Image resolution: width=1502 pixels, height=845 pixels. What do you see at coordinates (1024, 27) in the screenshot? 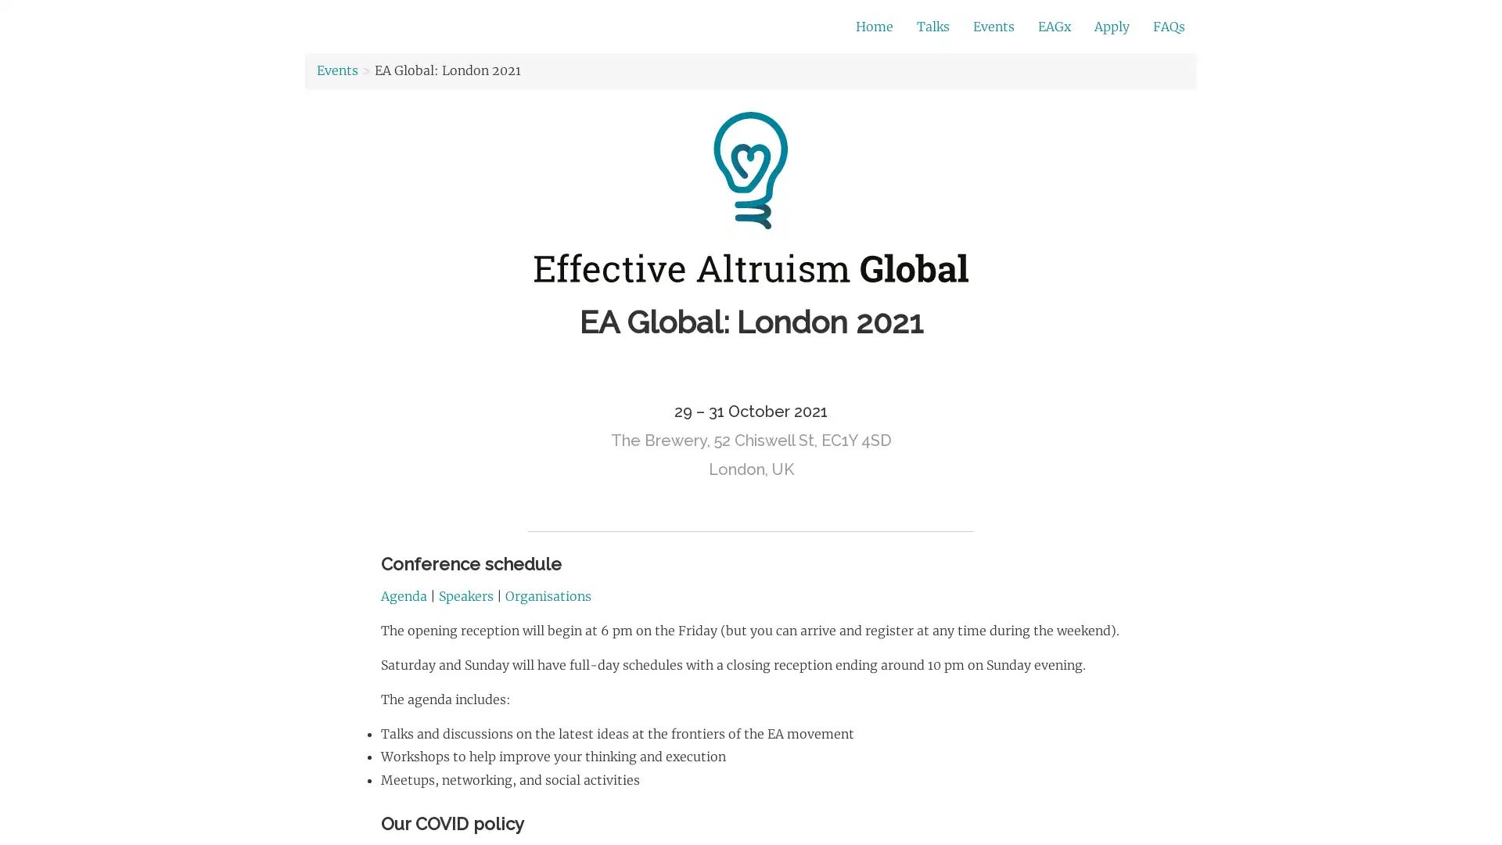
I see `Join` at bounding box center [1024, 27].